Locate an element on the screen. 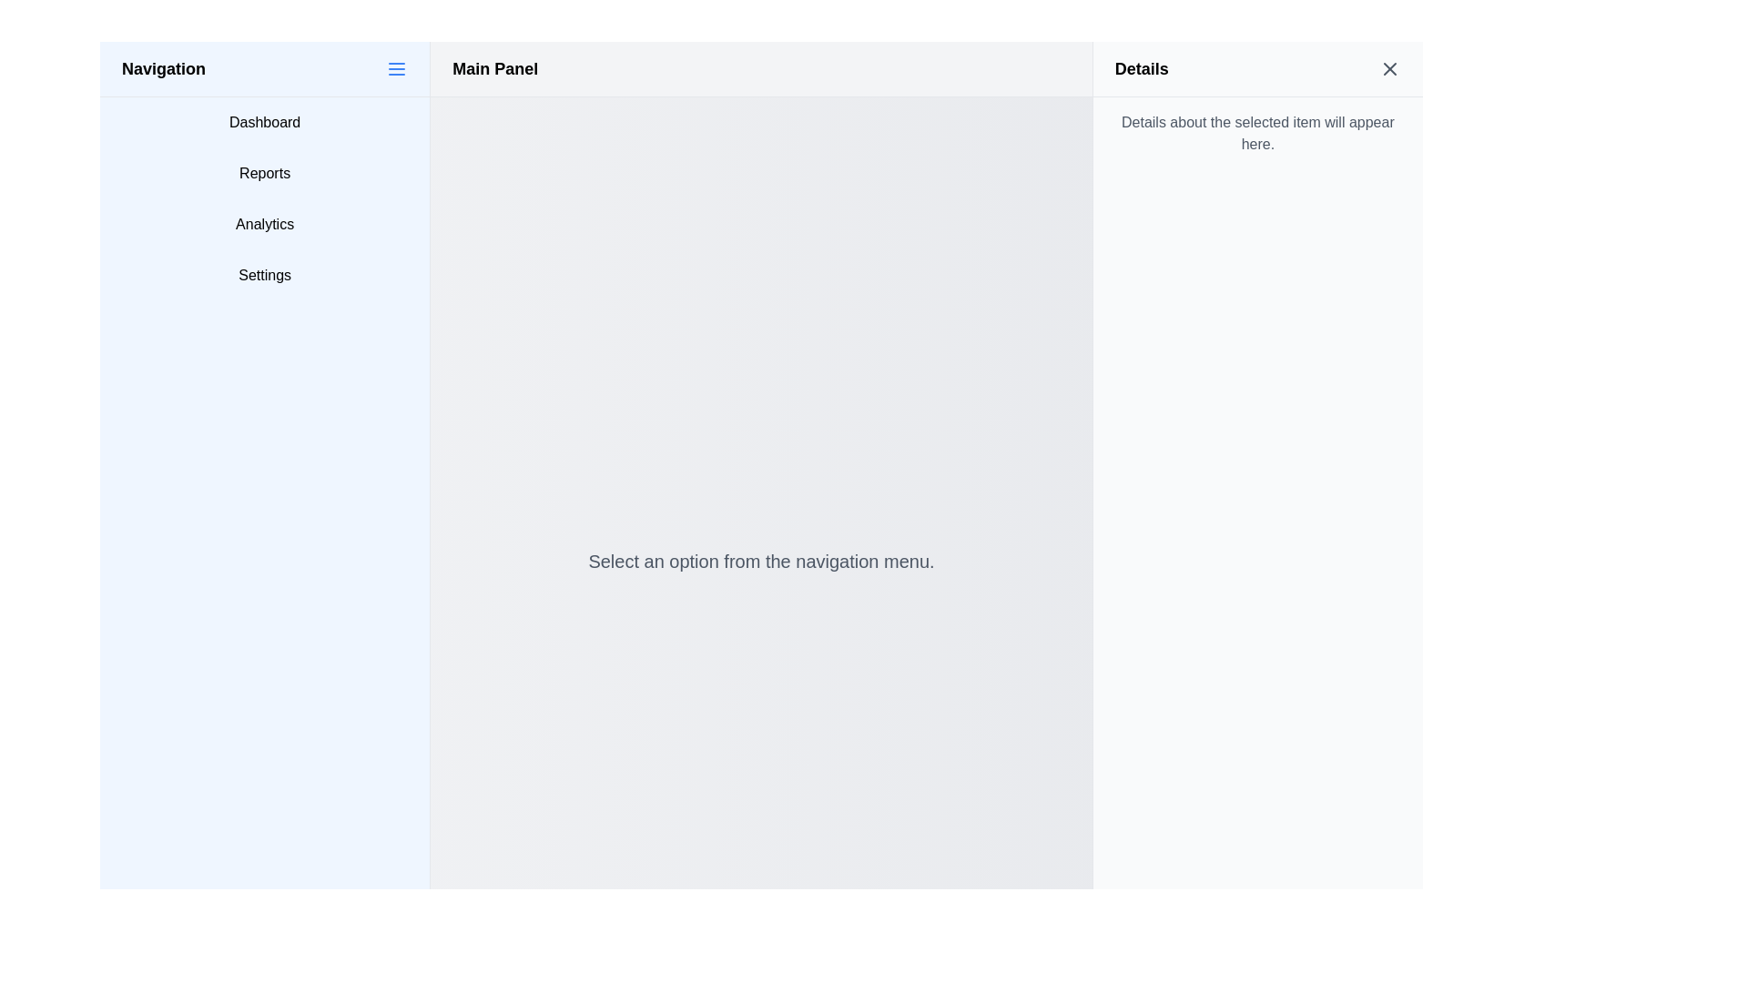 The height and width of the screenshot is (983, 1748). the 'Navigation' text label, which is bold and enlarged, positioned at the top left corner of the vertical navigation panel is located at coordinates (164, 68).